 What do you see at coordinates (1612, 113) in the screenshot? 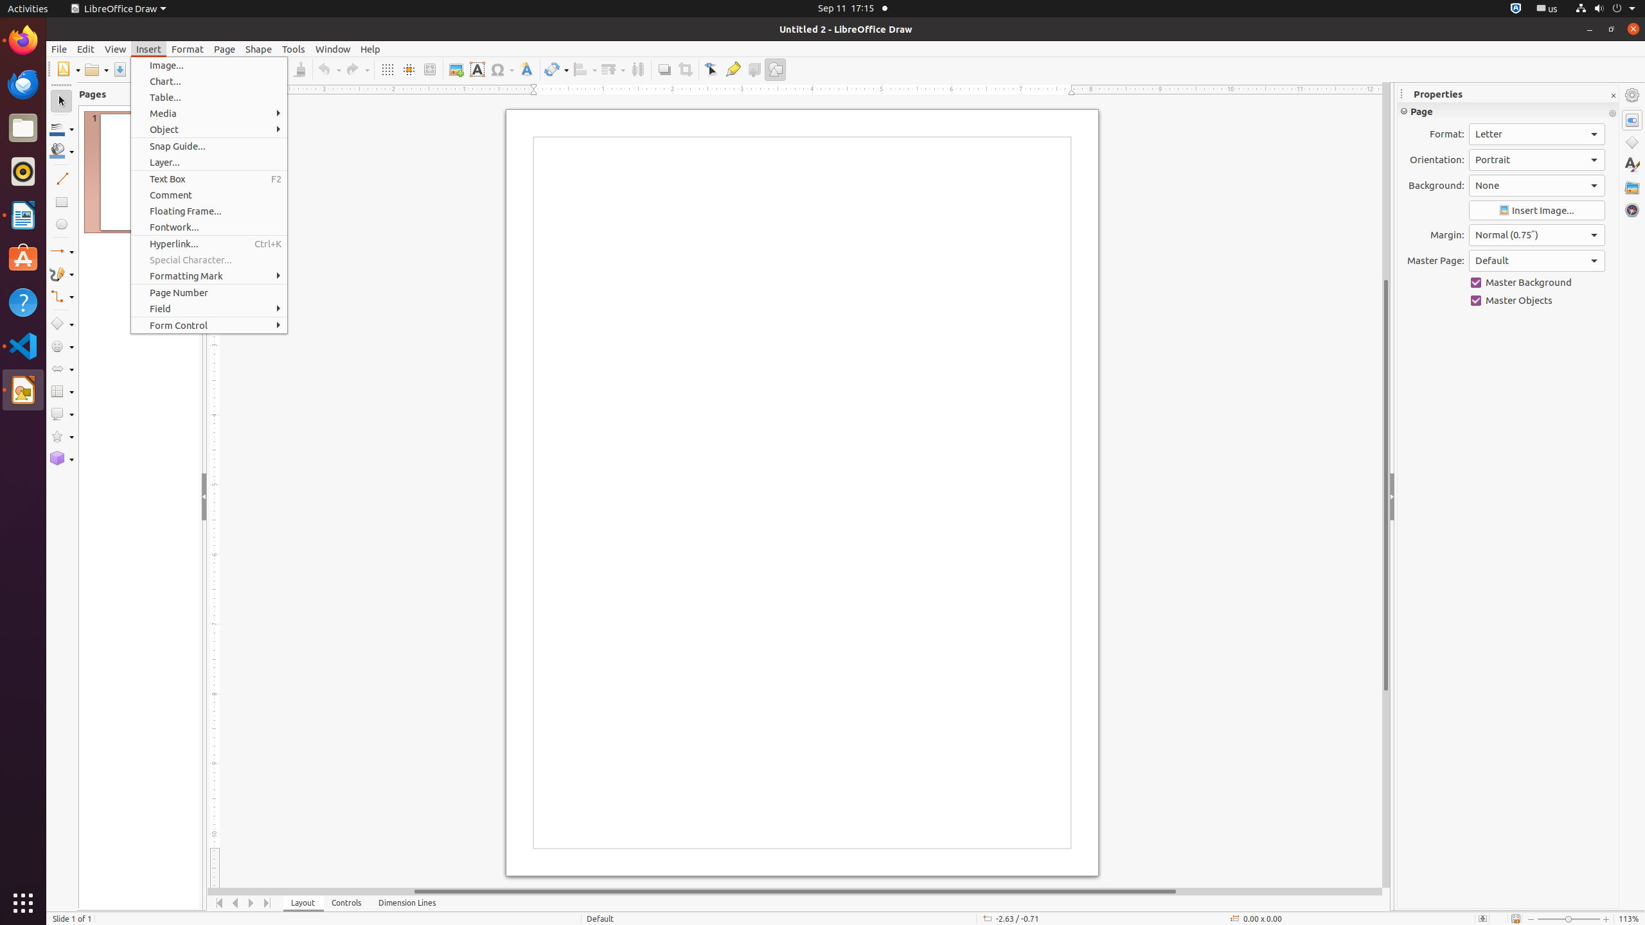
I see `'More Options'` at bounding box center [1612, 113].